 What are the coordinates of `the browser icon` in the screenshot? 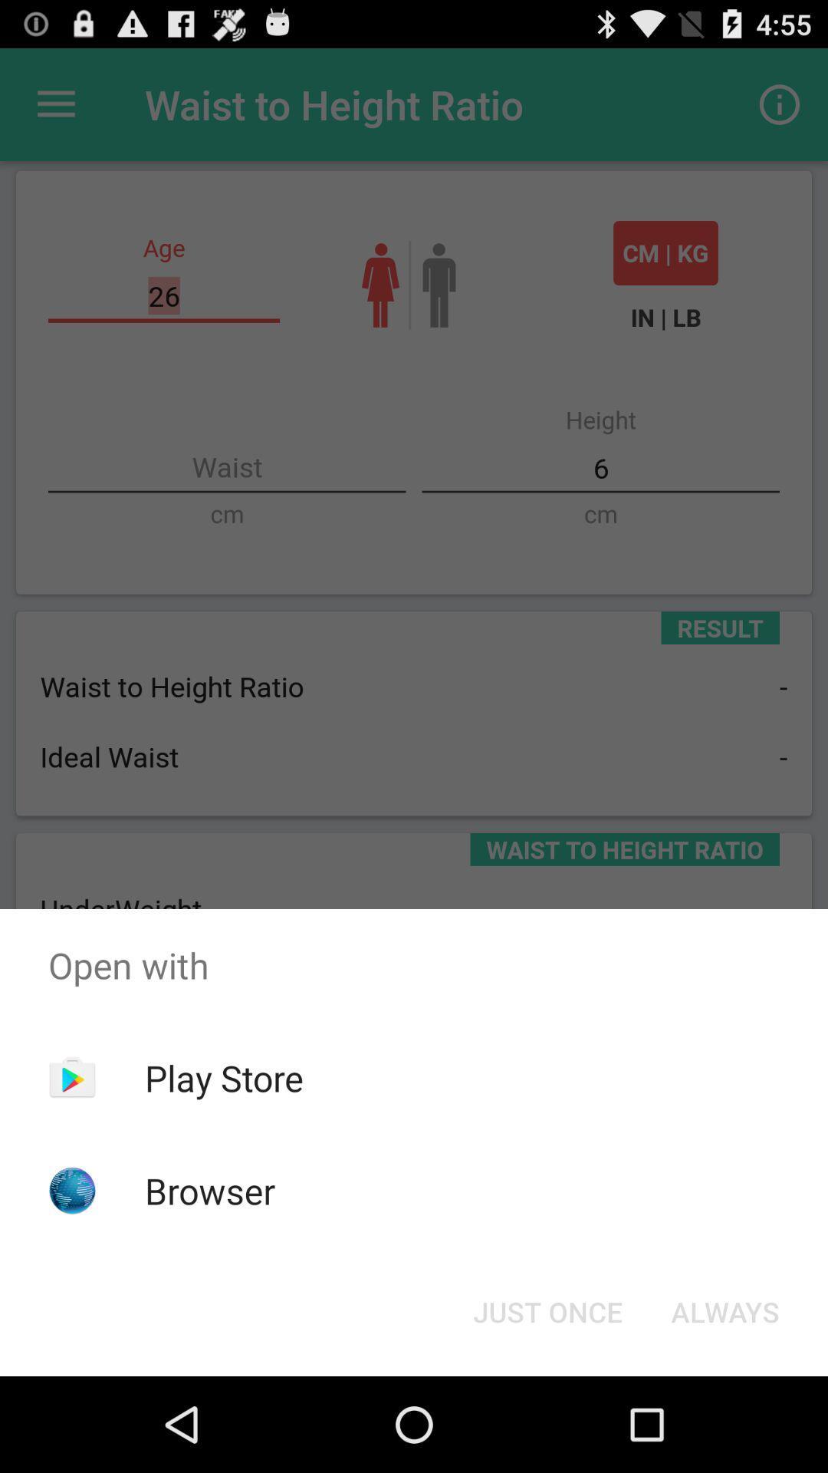 It's located at (210, 1190).